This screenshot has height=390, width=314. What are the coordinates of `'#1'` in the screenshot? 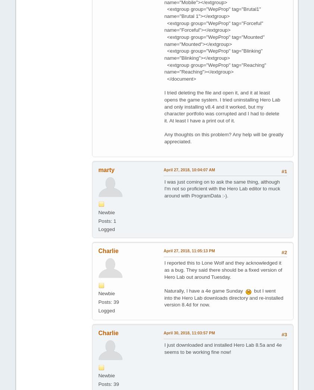 It's located at (284, 171).